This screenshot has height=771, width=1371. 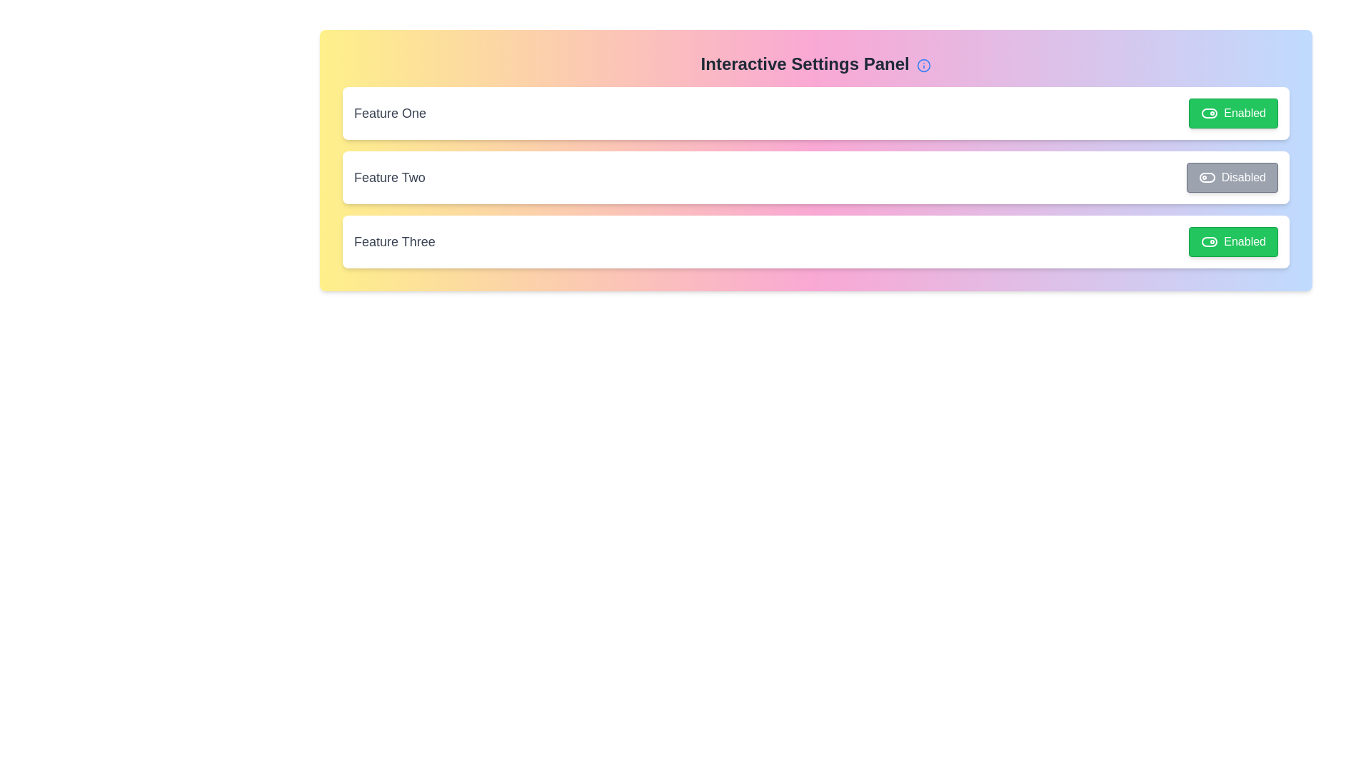 I want to click on the informational icon in the panel header, so click(x=924, y=65).